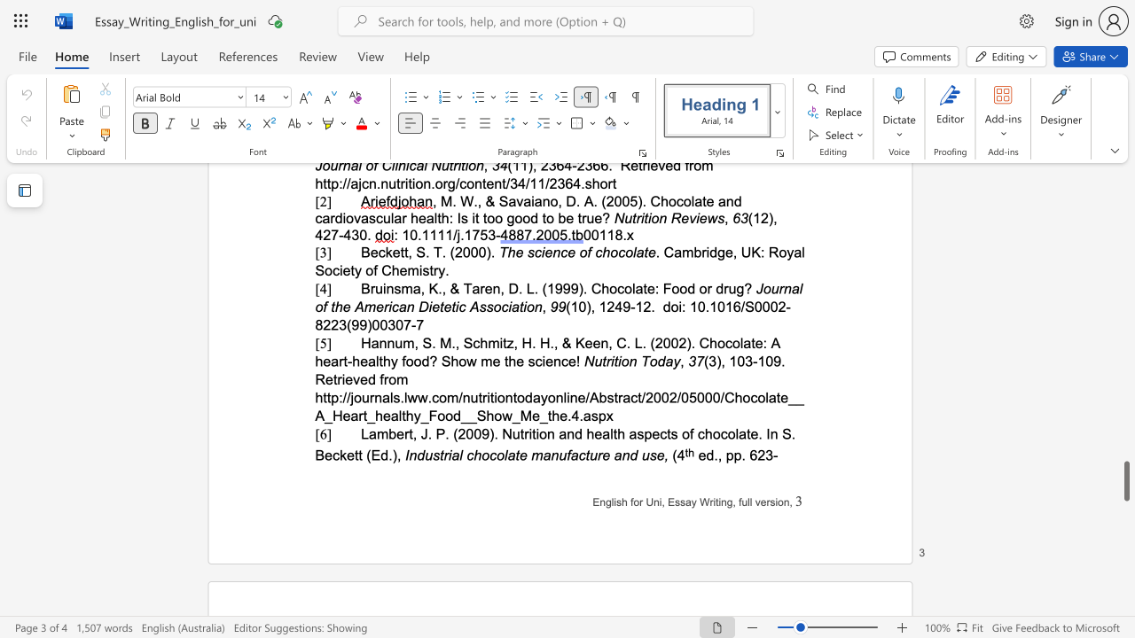 Image resolution: width=1135 pixels, height=638 pixels. What do you see at coordinates (1125, 291) in the screenshot?
I see `the side scrollbar to bring the page up` at bounding box center [1125, 291].